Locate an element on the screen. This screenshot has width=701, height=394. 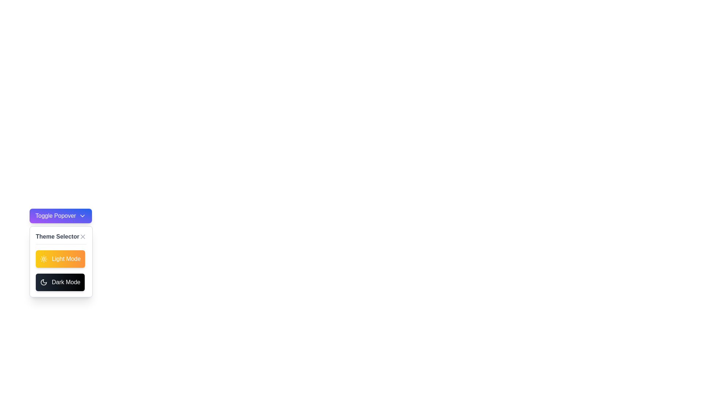
text label that displays 'Theme Selector' in bold and dark gray color, located at the top-left corner of the dropdown content panel below the 'Toggle Popover' dropdown button is located at coordinates (57, 236).